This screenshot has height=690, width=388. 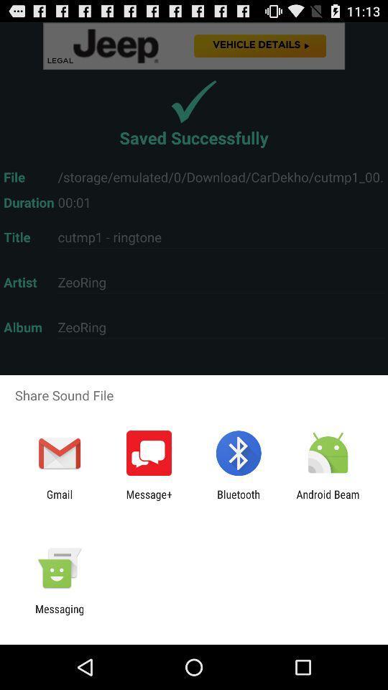 I want to click on messaging, so click(x=59, y=615).